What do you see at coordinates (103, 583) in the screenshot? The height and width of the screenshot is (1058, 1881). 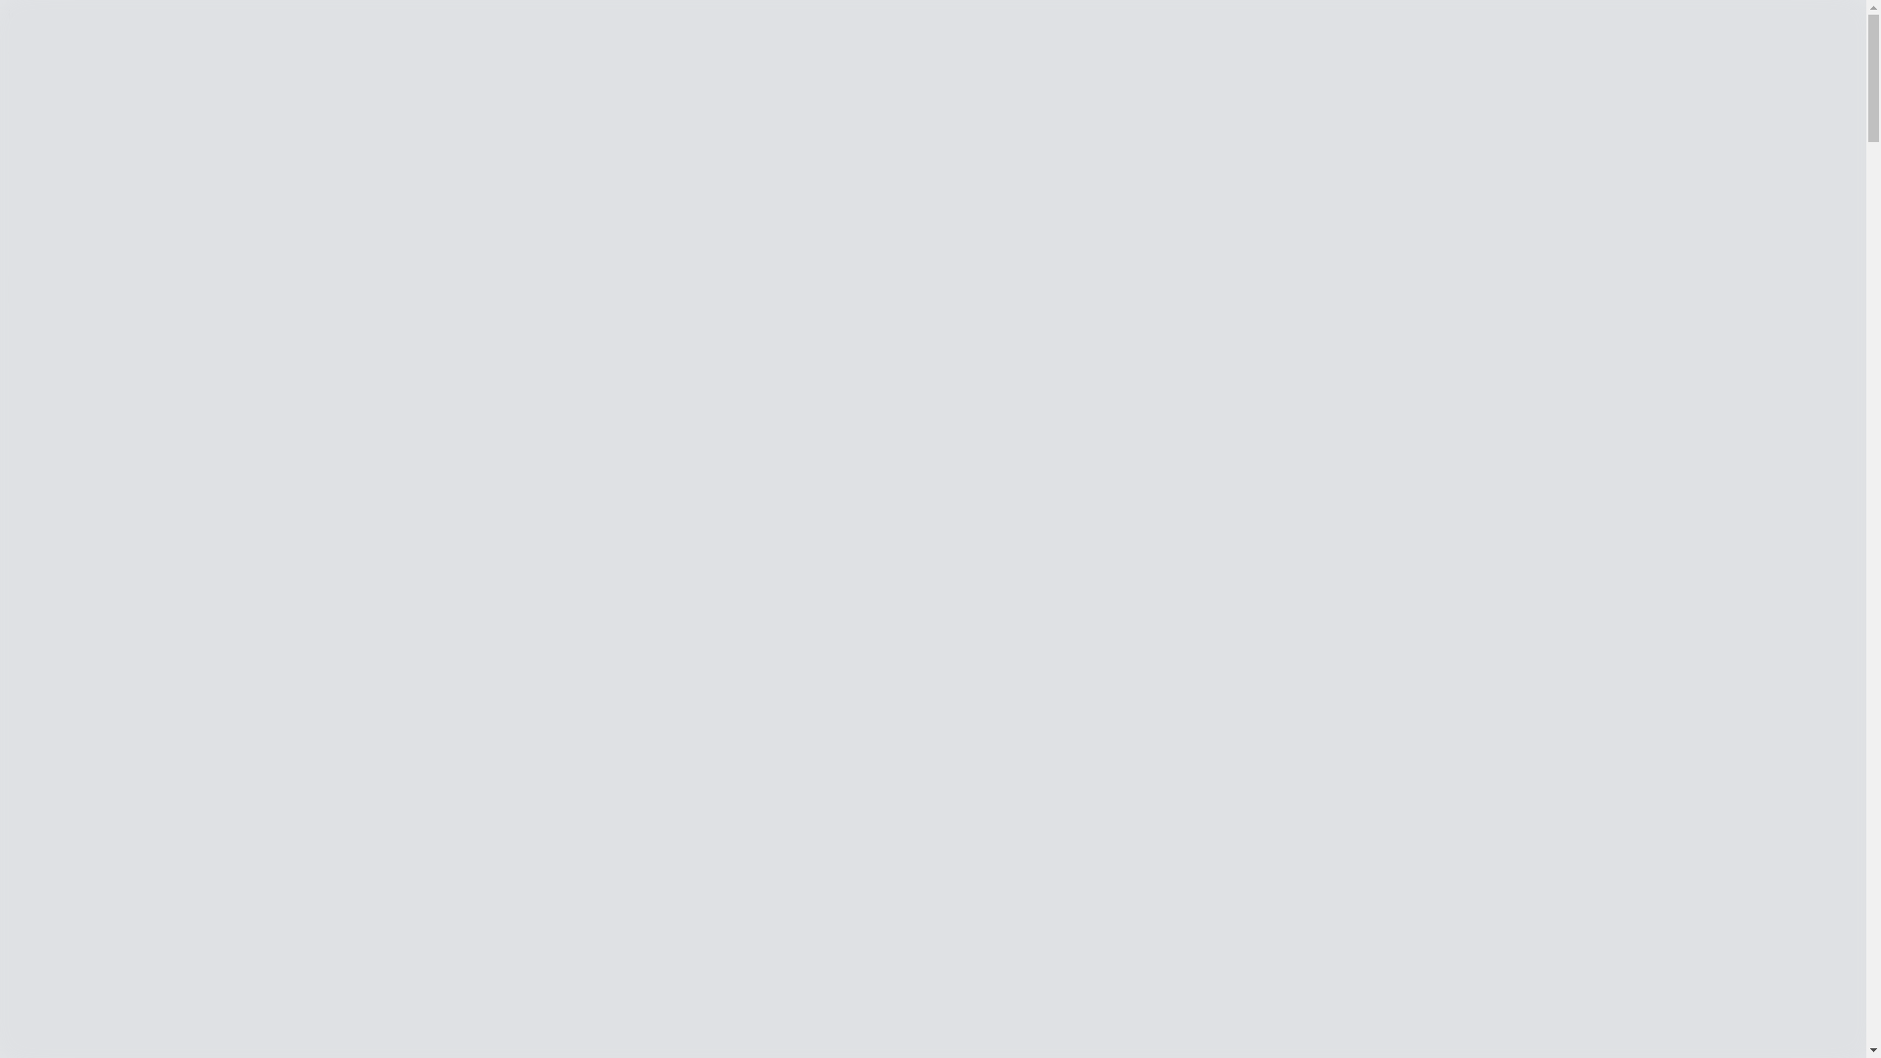 I see `'Drink'` at bounding box center [103, 583].